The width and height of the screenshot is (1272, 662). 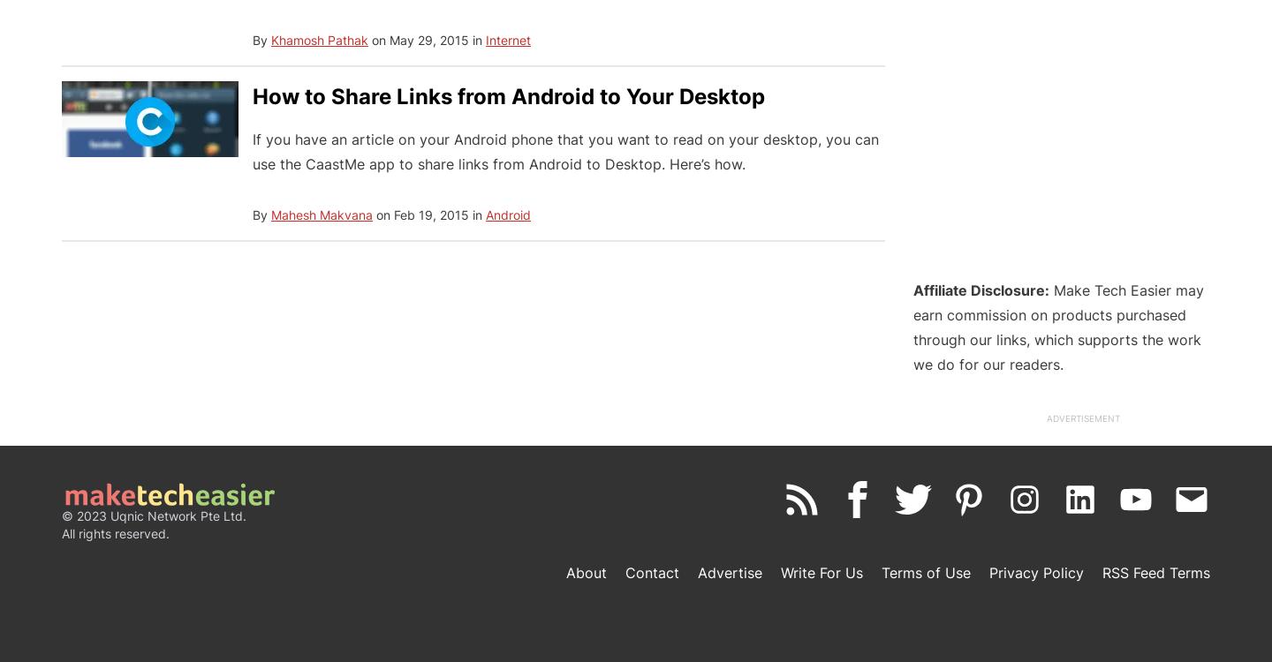 I want to click on 'Advertise', so click(x=730, y=572).